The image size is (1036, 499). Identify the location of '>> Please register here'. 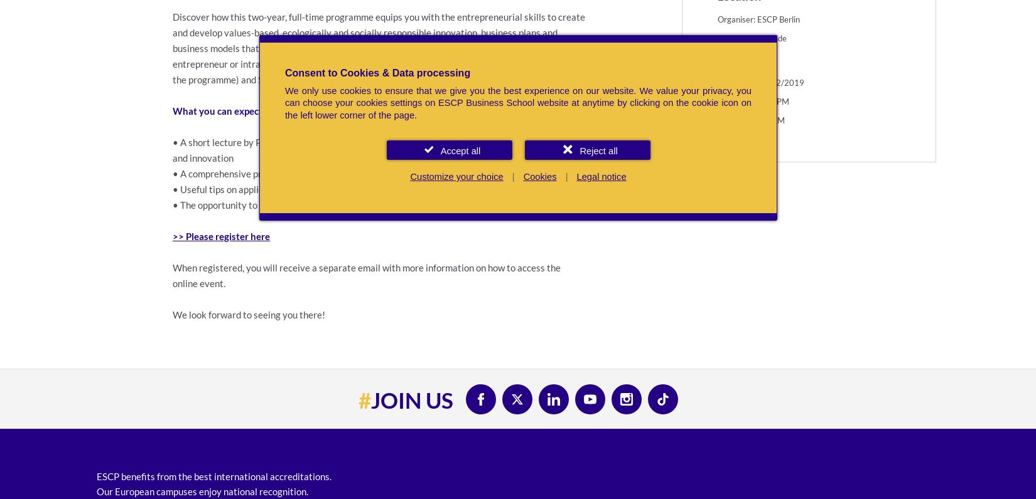
(221, 236).